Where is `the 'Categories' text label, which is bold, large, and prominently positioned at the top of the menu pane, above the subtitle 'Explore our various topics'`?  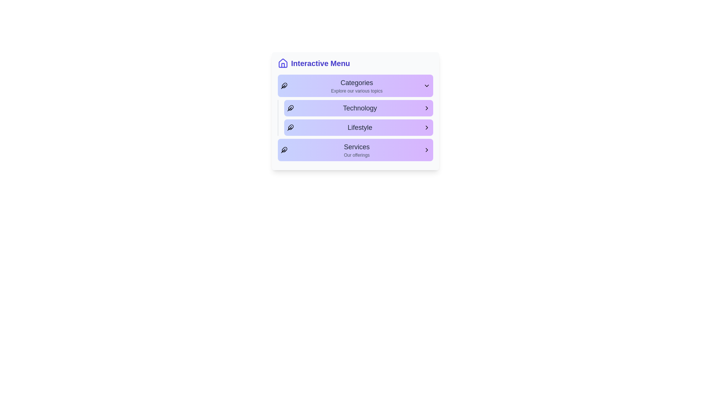
the 'Categories' text label, which is bold, large, and prominently positioned at the top of the menu pane, above the subtitle 'Explore our various topics' is located at coordinates (356, 83).